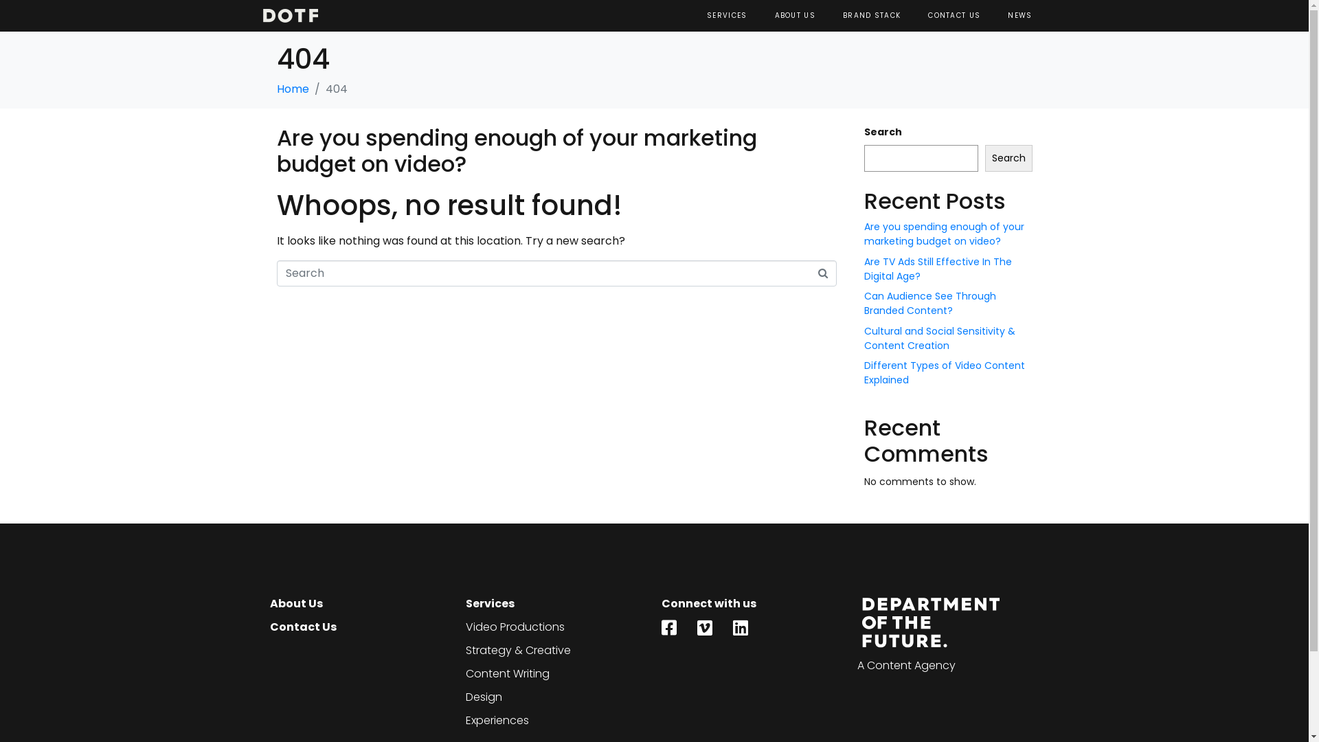  Describe the element at coordinates (1019, 16) in the screenshot. I see `'NEWS'` at that location.